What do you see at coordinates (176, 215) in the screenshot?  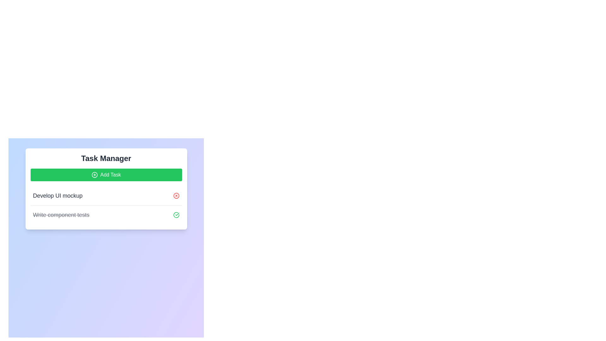 I see `the interactive check mark icon` at bounding box center [176, 215].